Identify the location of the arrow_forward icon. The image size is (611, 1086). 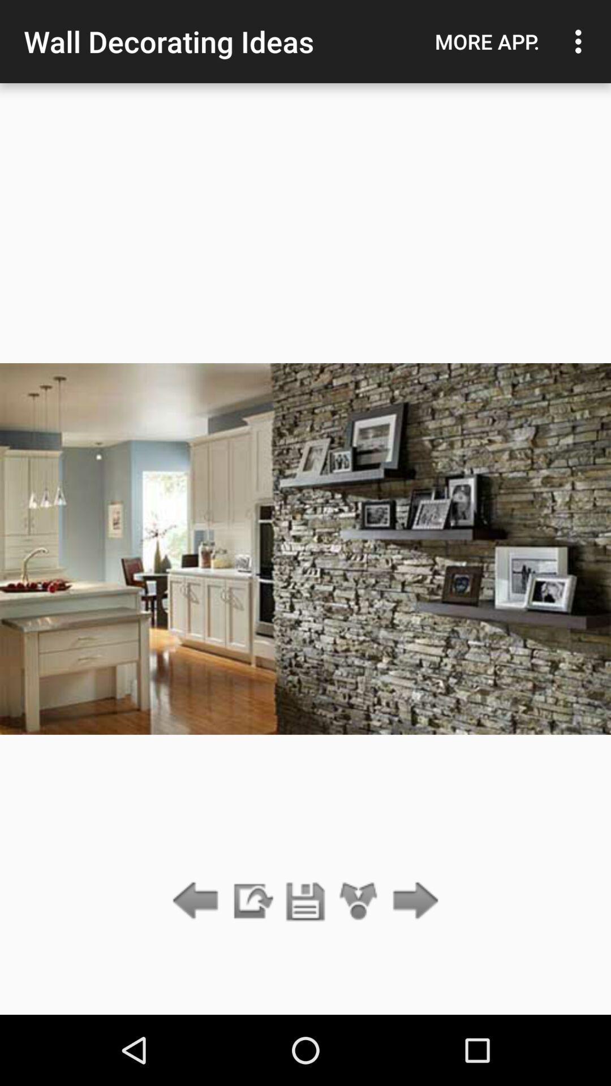
(412, 901).